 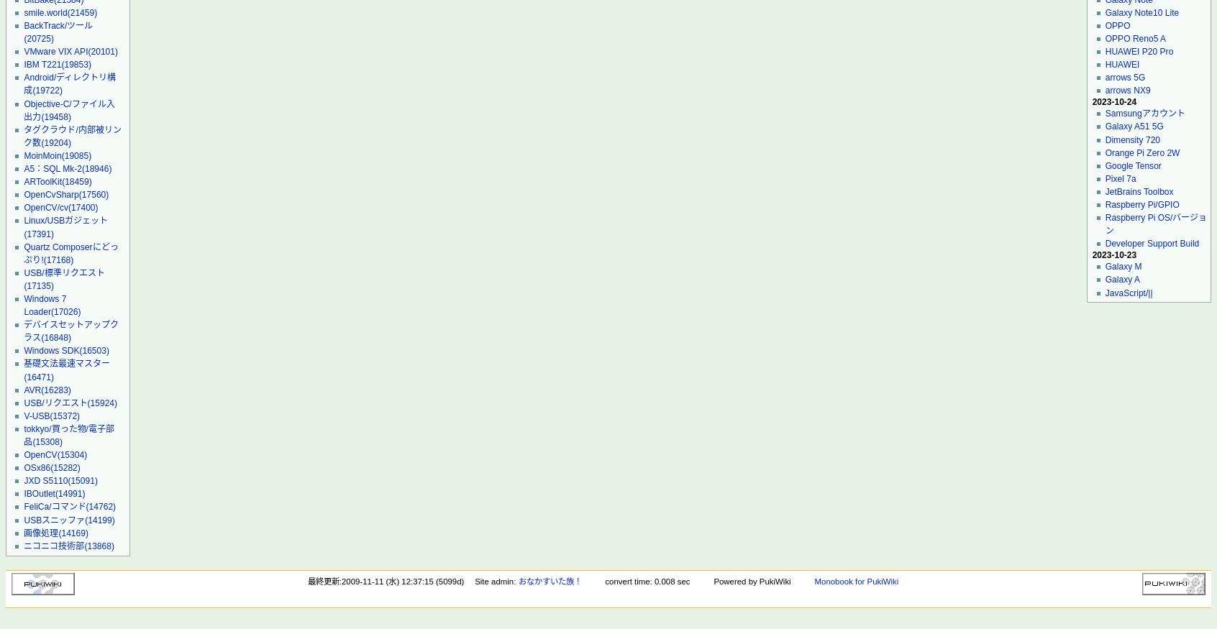 I want to click on '(16471)', so click(x=37, y=376).